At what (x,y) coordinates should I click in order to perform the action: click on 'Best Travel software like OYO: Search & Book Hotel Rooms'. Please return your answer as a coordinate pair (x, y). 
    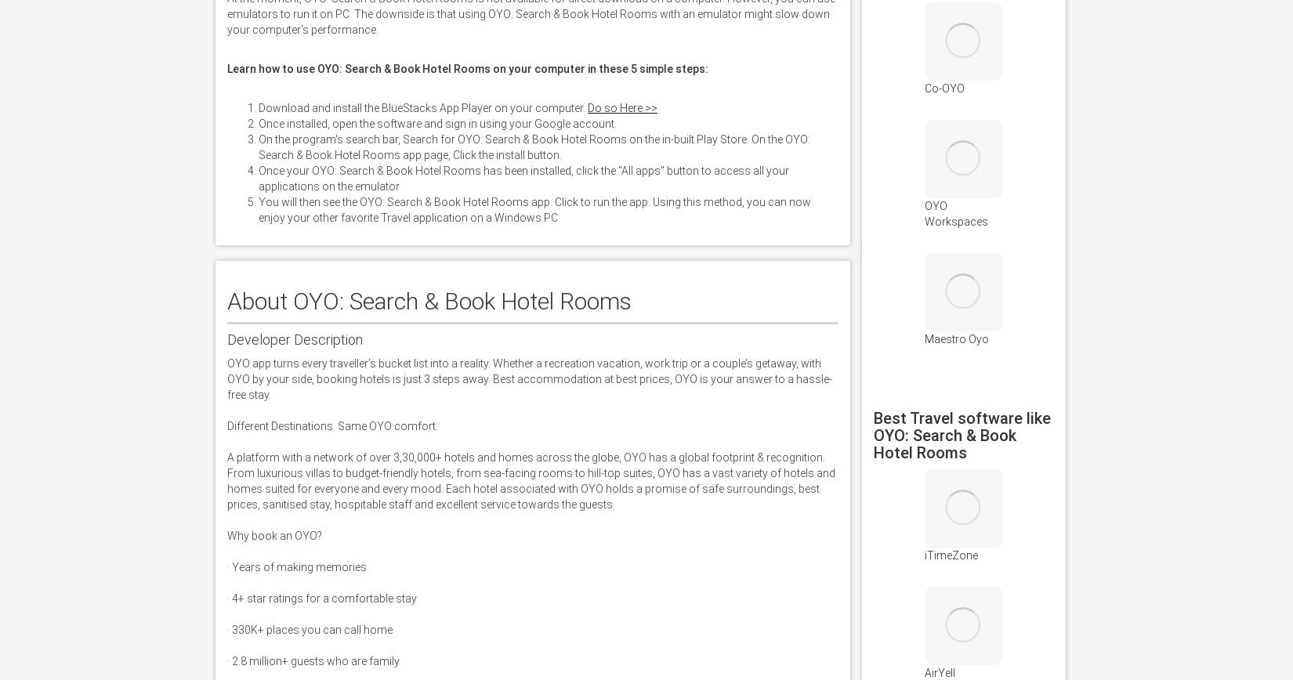
    Looking at the image, I should click on (962, 436).